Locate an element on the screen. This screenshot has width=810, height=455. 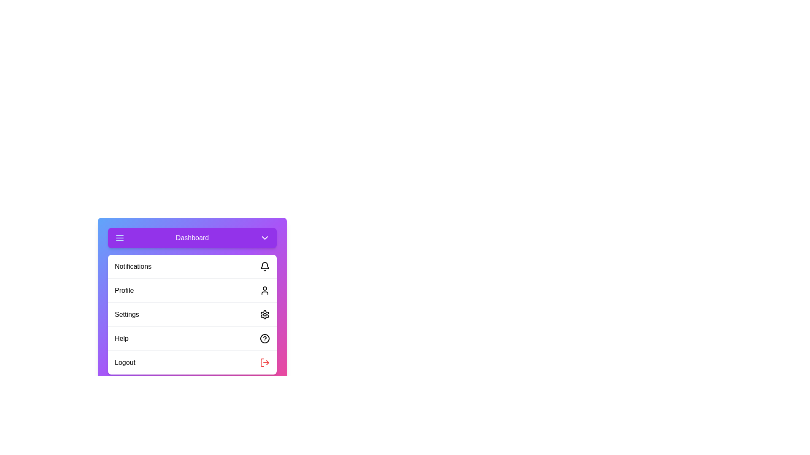
the menu item Profile from the menu is located at coordinates (192, 290).